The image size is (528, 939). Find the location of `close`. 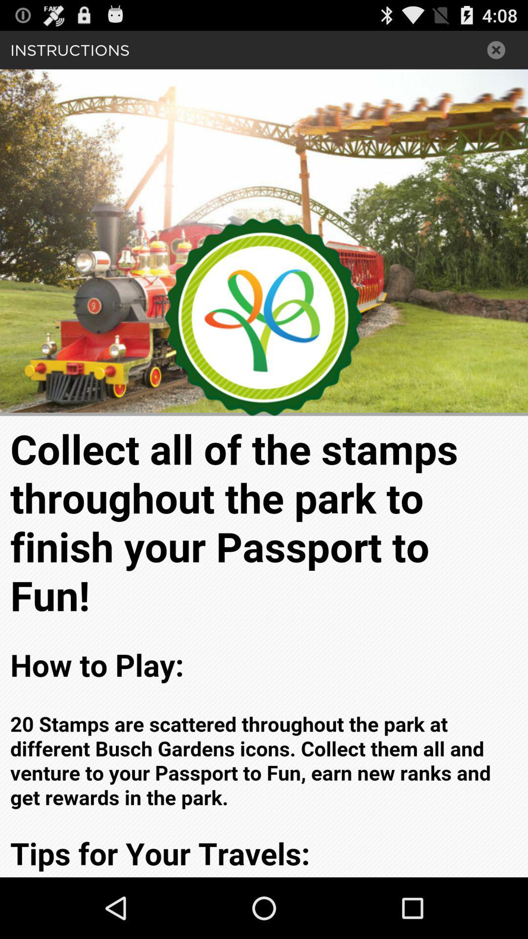

close is located at coordinates (496, 49).